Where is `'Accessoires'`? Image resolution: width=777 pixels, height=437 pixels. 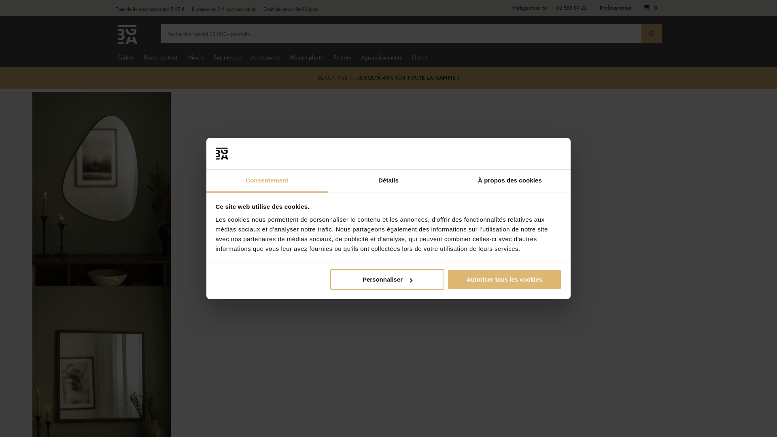
'Accessoires' is located at coordinates (246, 57).